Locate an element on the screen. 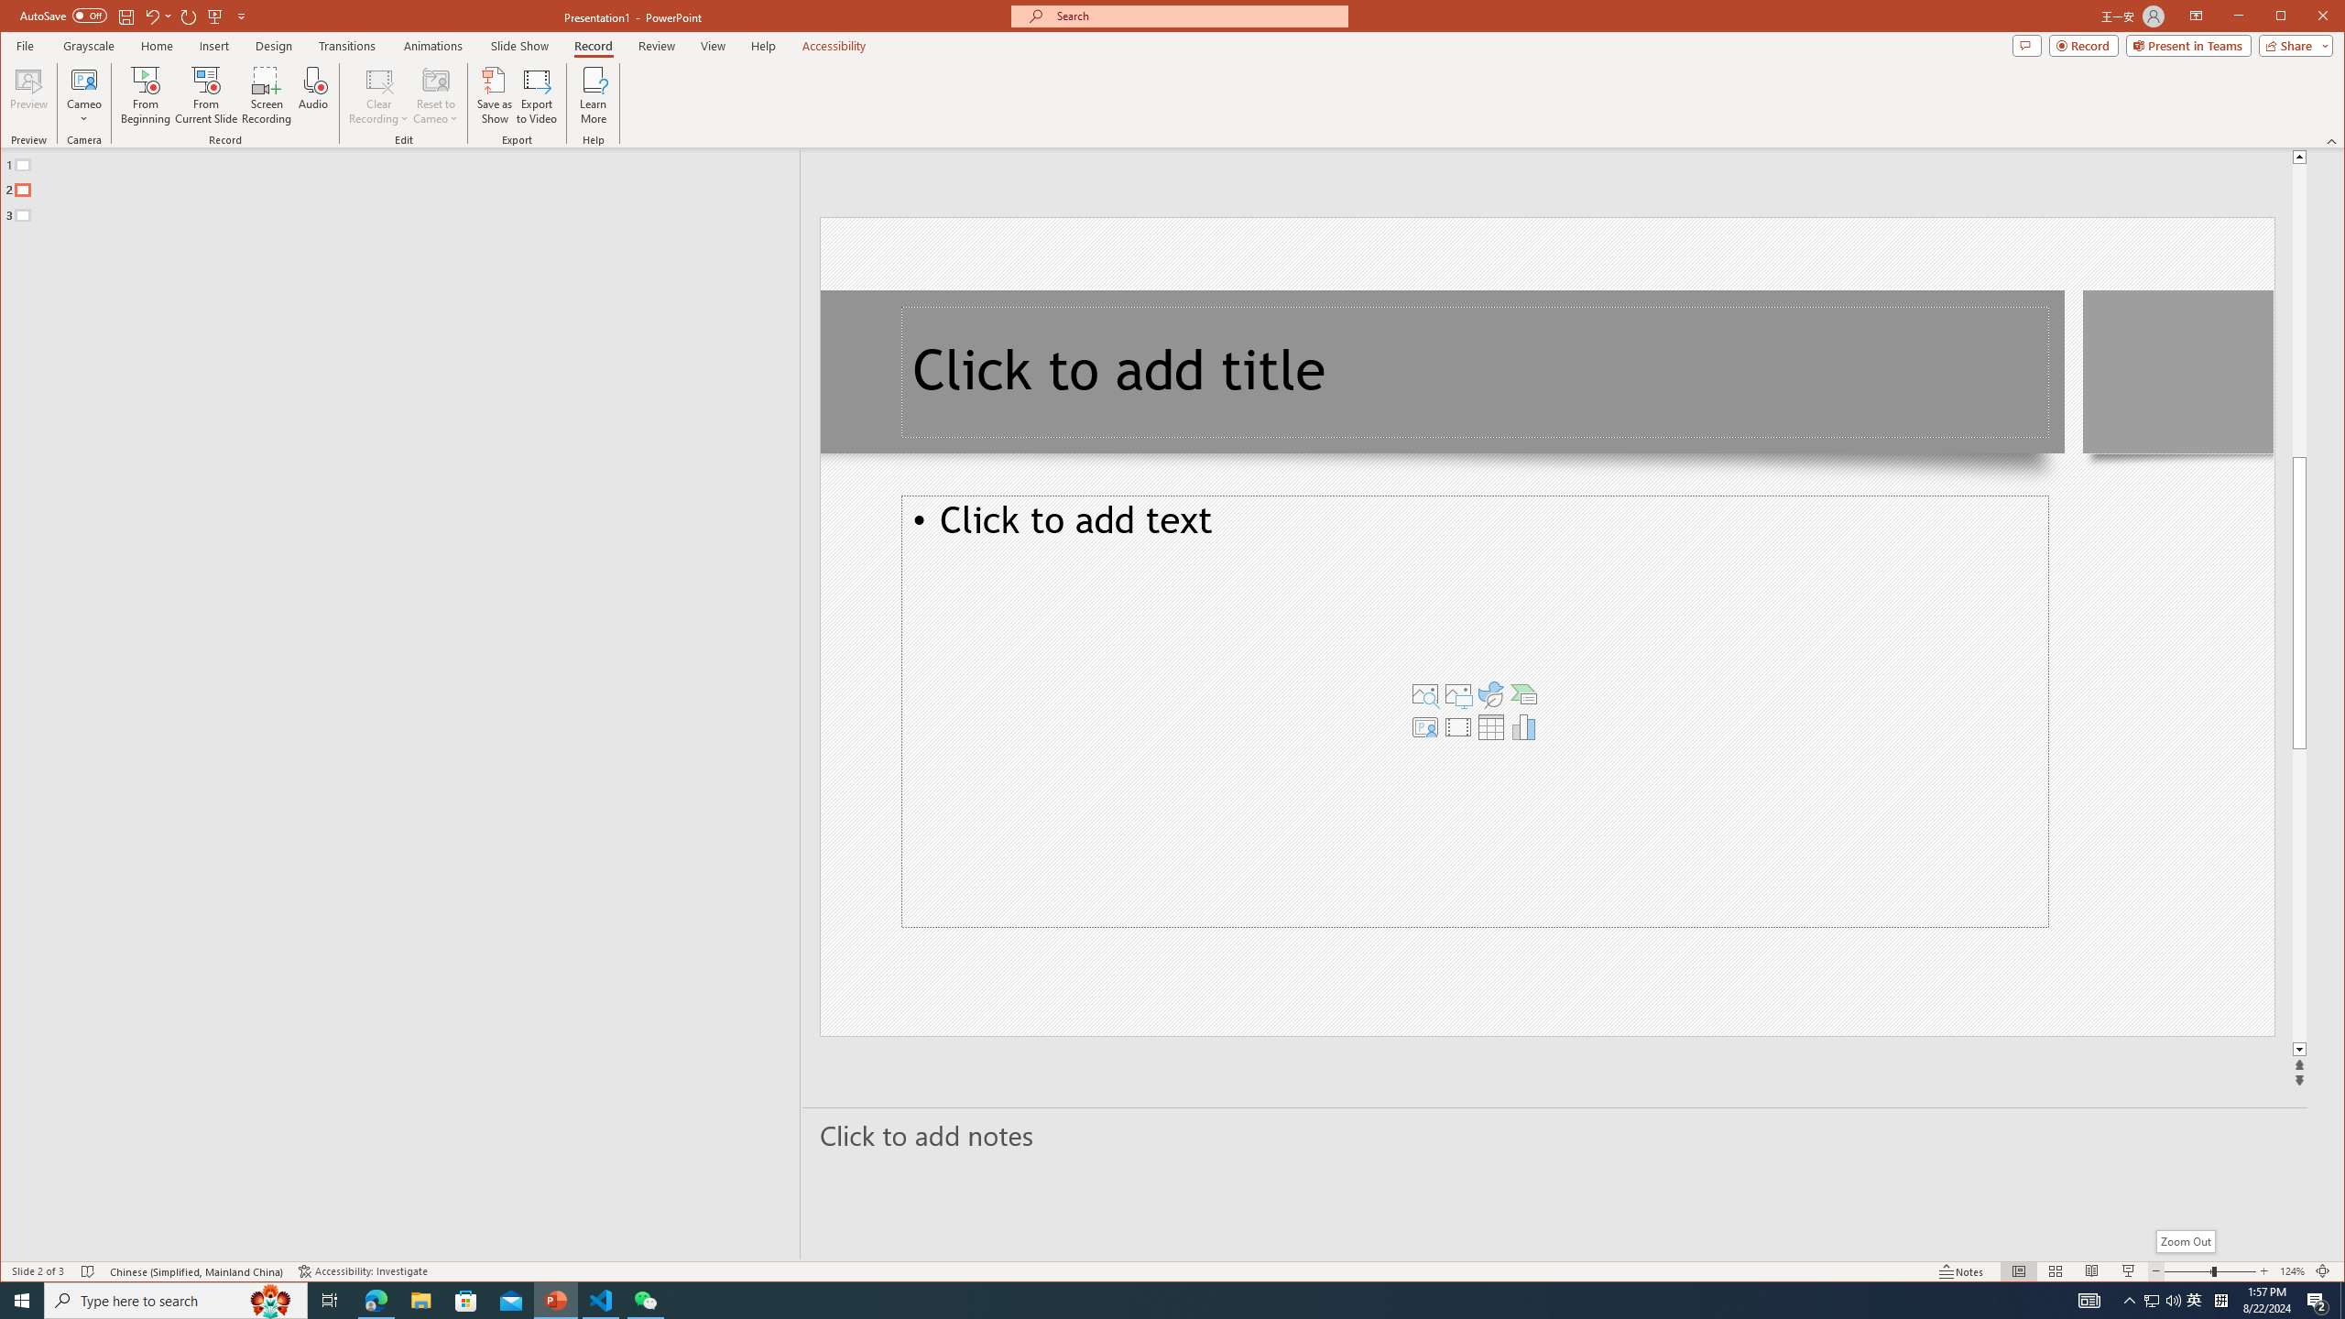  'Export to Video' is located at coordinates (538, 94).